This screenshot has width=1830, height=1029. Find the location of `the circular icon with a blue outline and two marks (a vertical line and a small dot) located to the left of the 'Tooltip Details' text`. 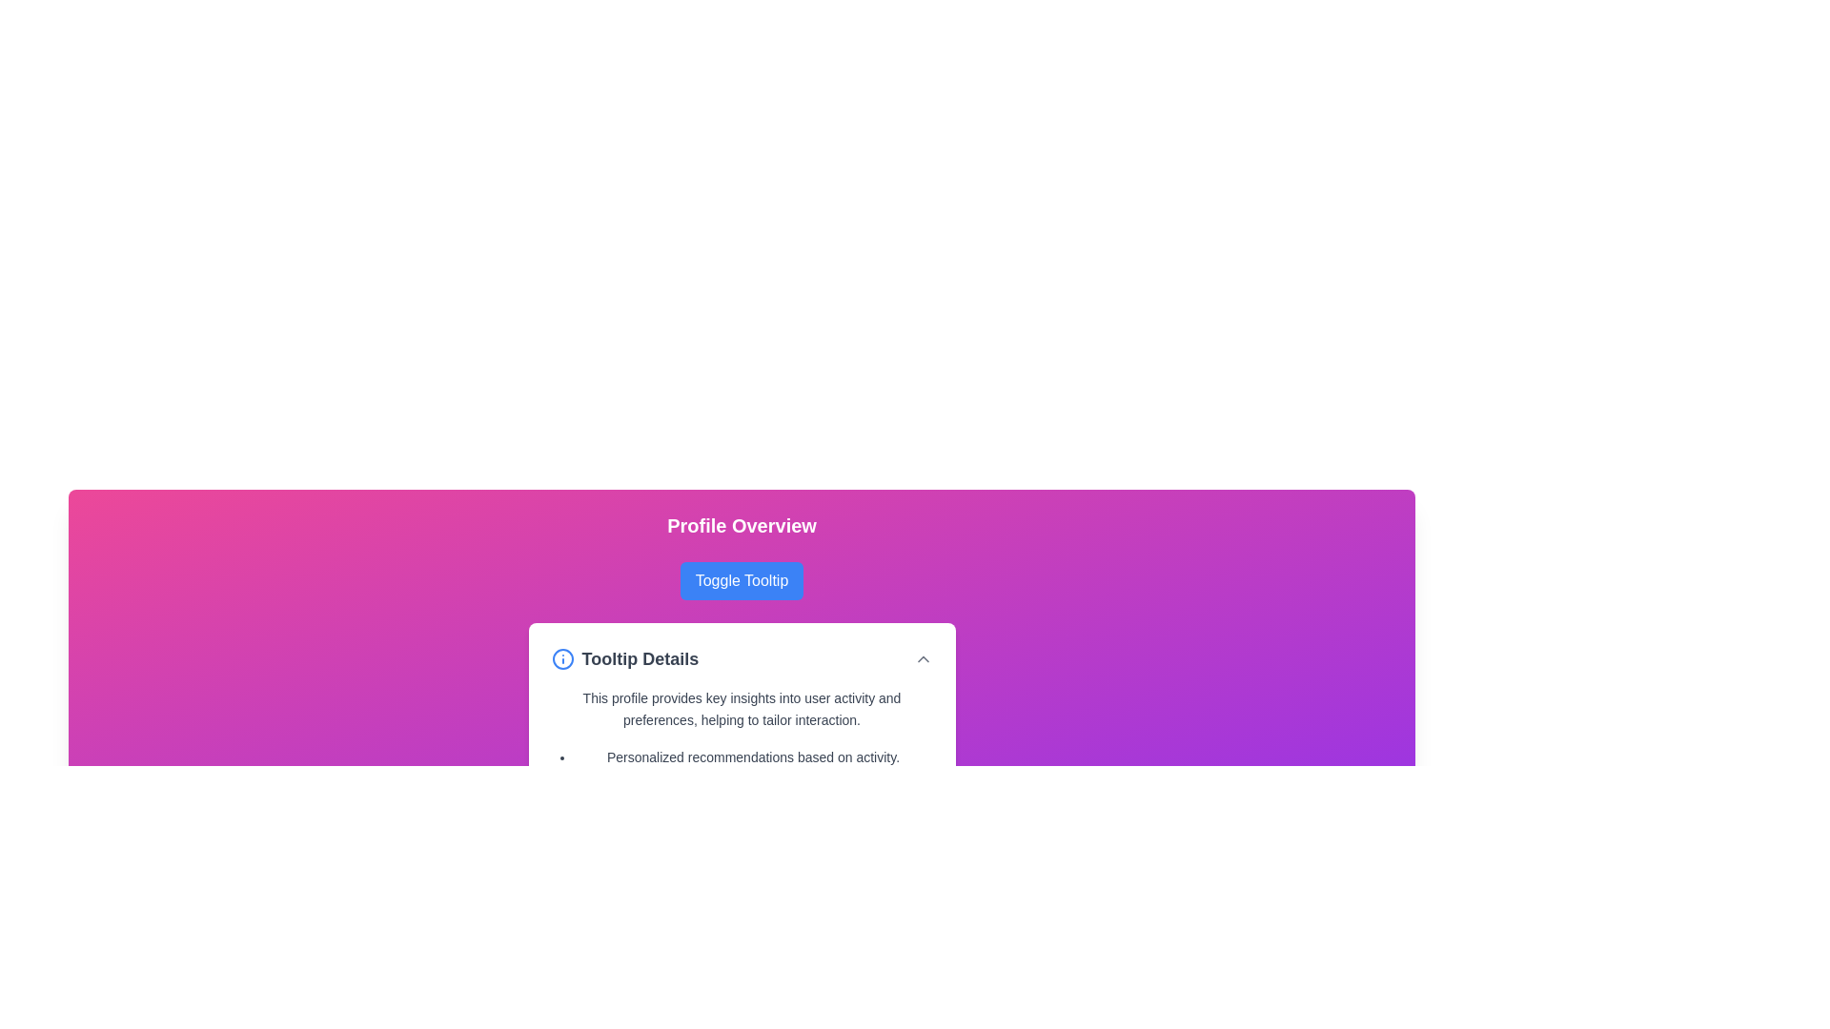

the circular icon with a blue outline and two marks (a vertical line and a small dot) located to the left of the 'Tooltip Details' text is located at coordinates (561, 657).